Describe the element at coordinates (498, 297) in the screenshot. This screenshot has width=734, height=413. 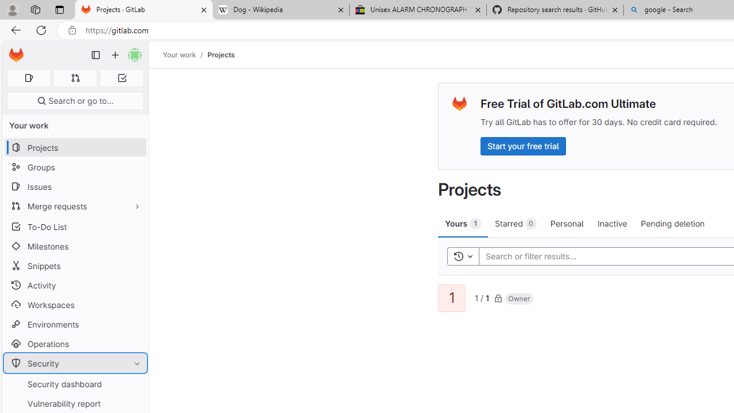
I see `'Class: s16'` at that location.